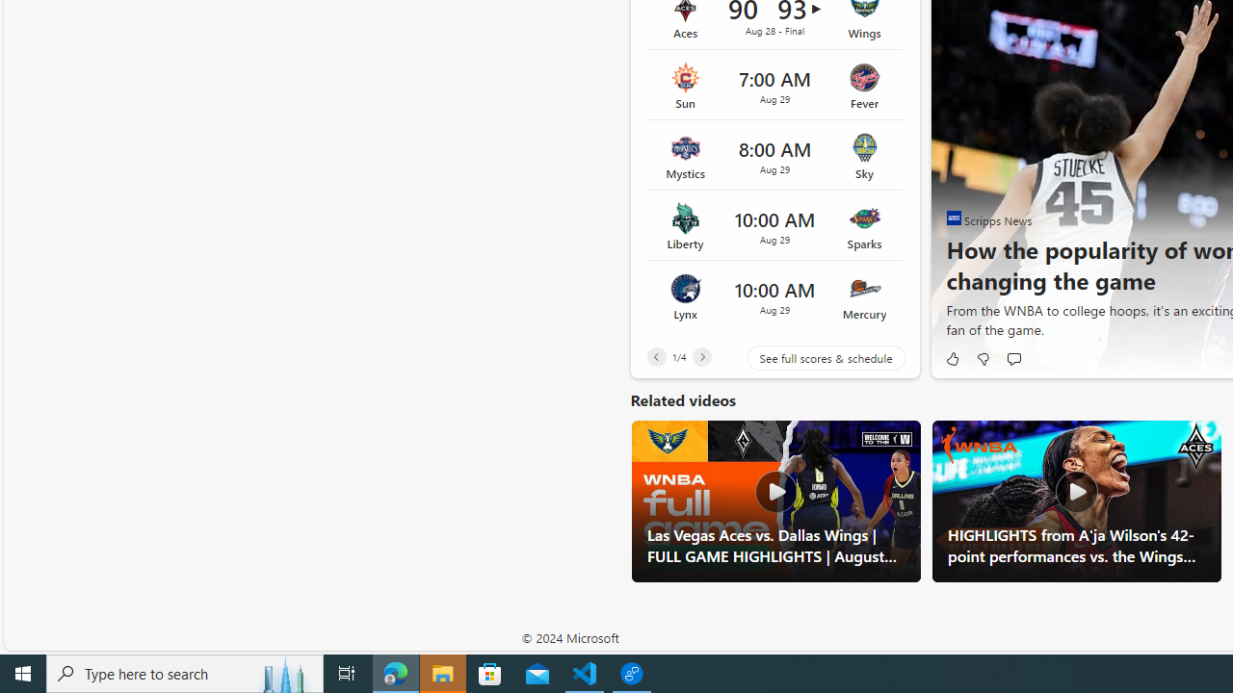  I want to click on 'Lynx vs Mercury Time 10:00 AM Date Aug 29', so click(774, 295).